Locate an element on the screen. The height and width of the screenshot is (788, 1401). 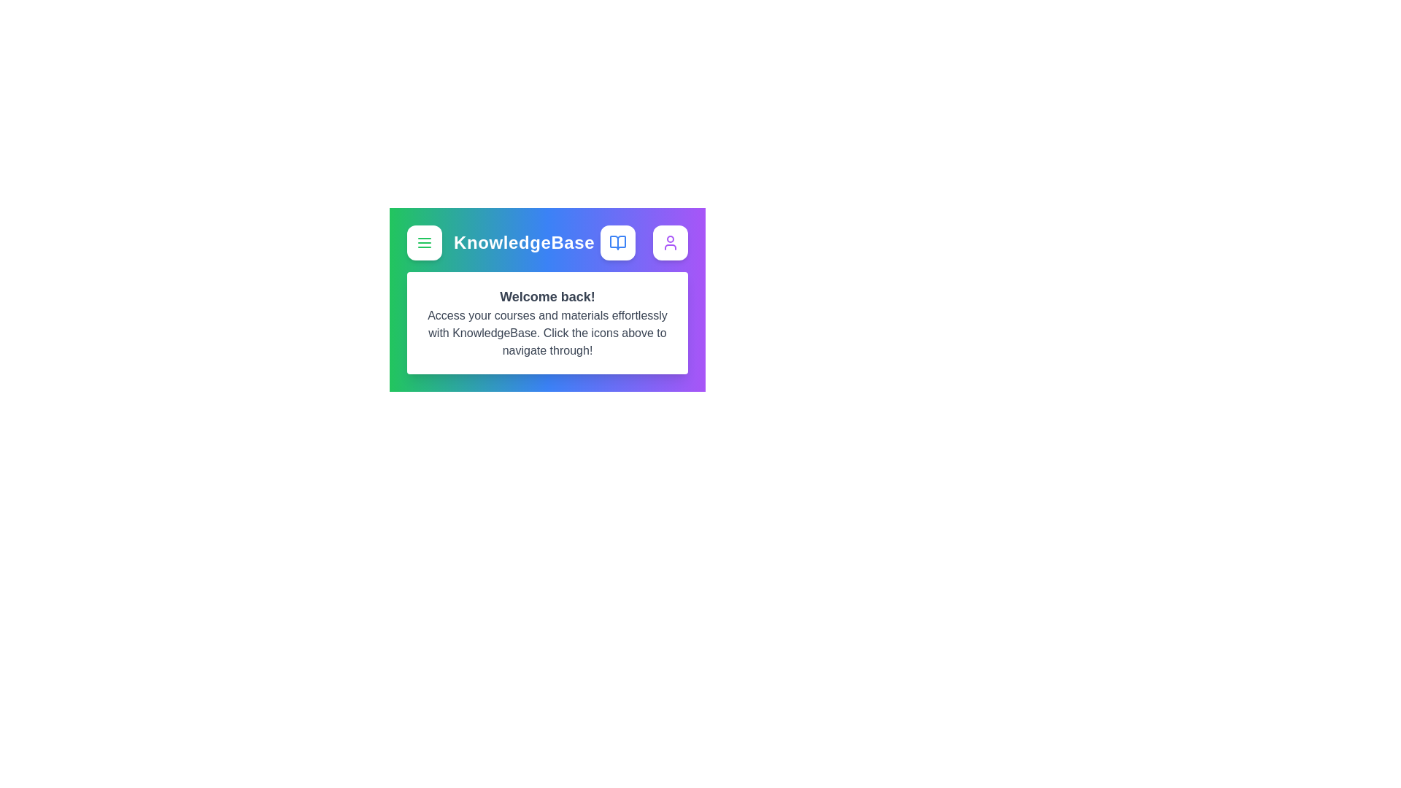
the user icon to access the user profile or settings is located at coordinates (669, 242).